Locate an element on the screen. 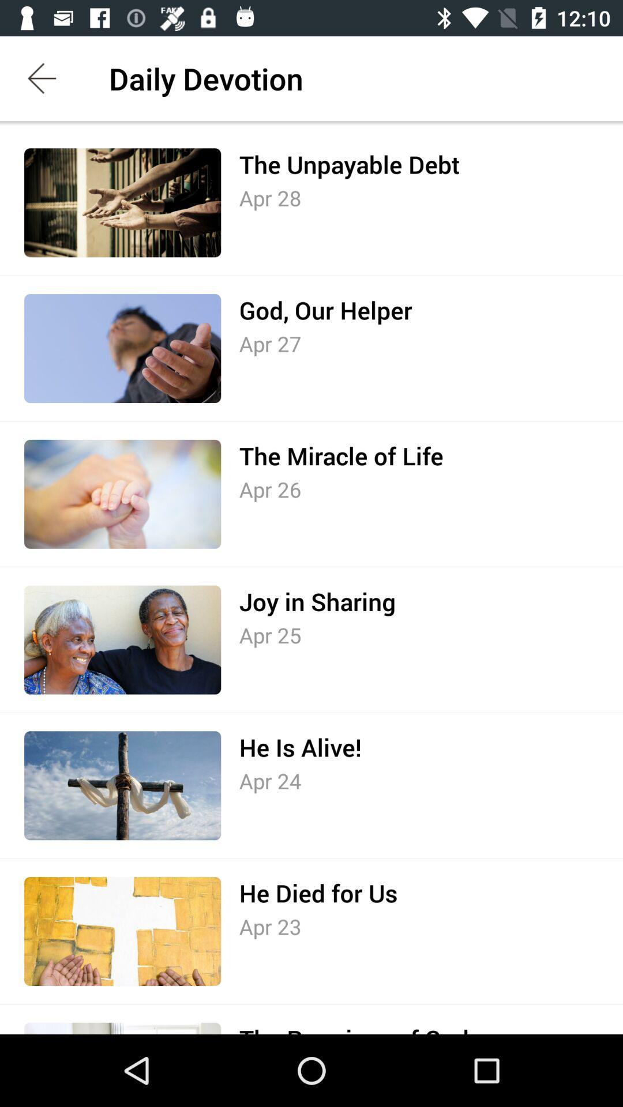 Image resolution: width=623 pixels, height=1107 pixels. the he is alive! is located at coordinates (299, 747).